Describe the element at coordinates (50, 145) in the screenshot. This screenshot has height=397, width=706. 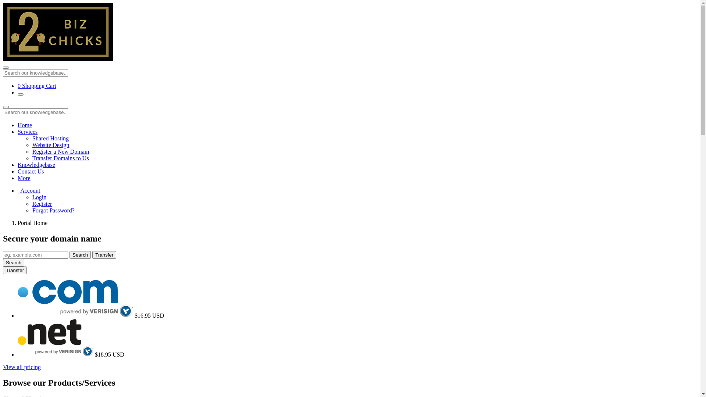
I see `'Website Design'` at that location.